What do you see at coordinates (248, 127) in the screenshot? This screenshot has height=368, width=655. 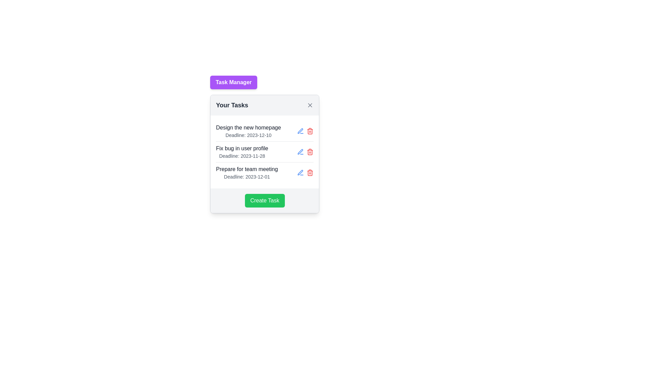 I see `the text label that reads 'Design the new homepage' located within the first task entry of the 'Your Tasks' section` at bounding box center [248, 127].